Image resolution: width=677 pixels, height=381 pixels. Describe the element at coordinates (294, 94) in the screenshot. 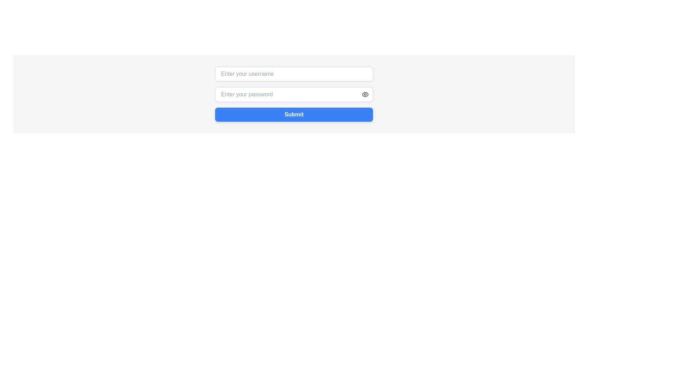

I see `the password input field, which is the second input field in the form layout, to trigger additional styling effects` at that location.